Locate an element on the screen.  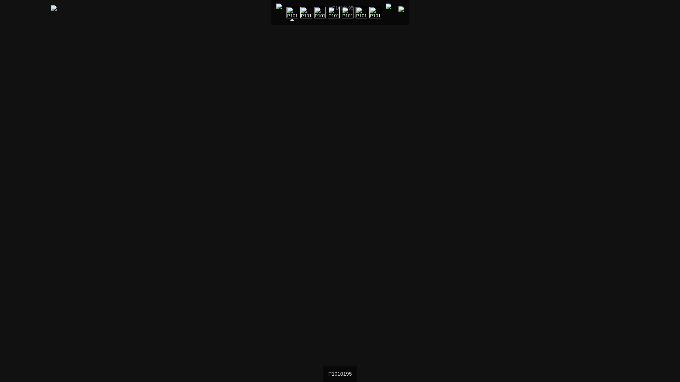
'P1010071' is located at coordinates (355, 12).